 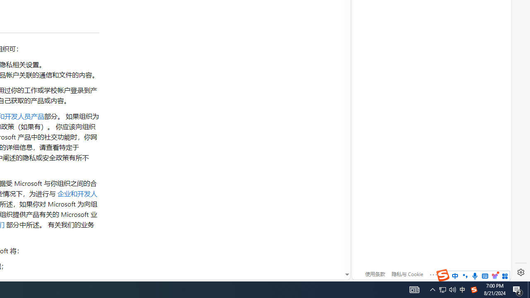 What do you see at coordinates (520, 272) in the screenshot?
I see `'Settings'` at bounding box center [520, 272].